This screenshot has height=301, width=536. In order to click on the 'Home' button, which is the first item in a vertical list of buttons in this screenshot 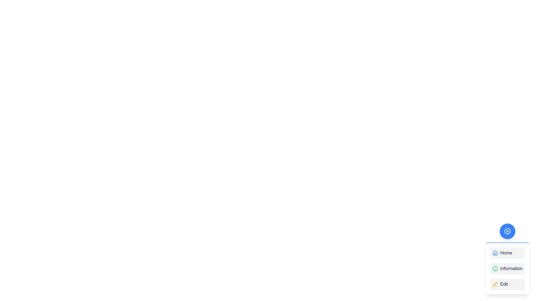, I will do `click(508, 253)`.